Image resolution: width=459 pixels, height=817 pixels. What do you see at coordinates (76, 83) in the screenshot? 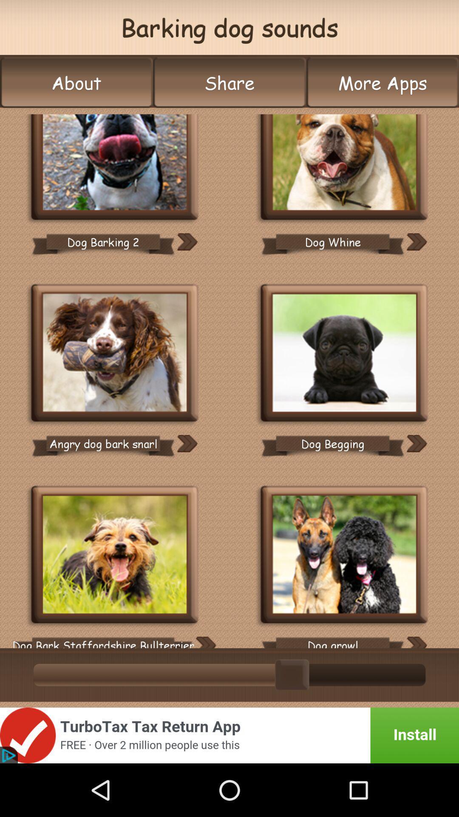
I see `the about icon` at bounding box center [76, 83].